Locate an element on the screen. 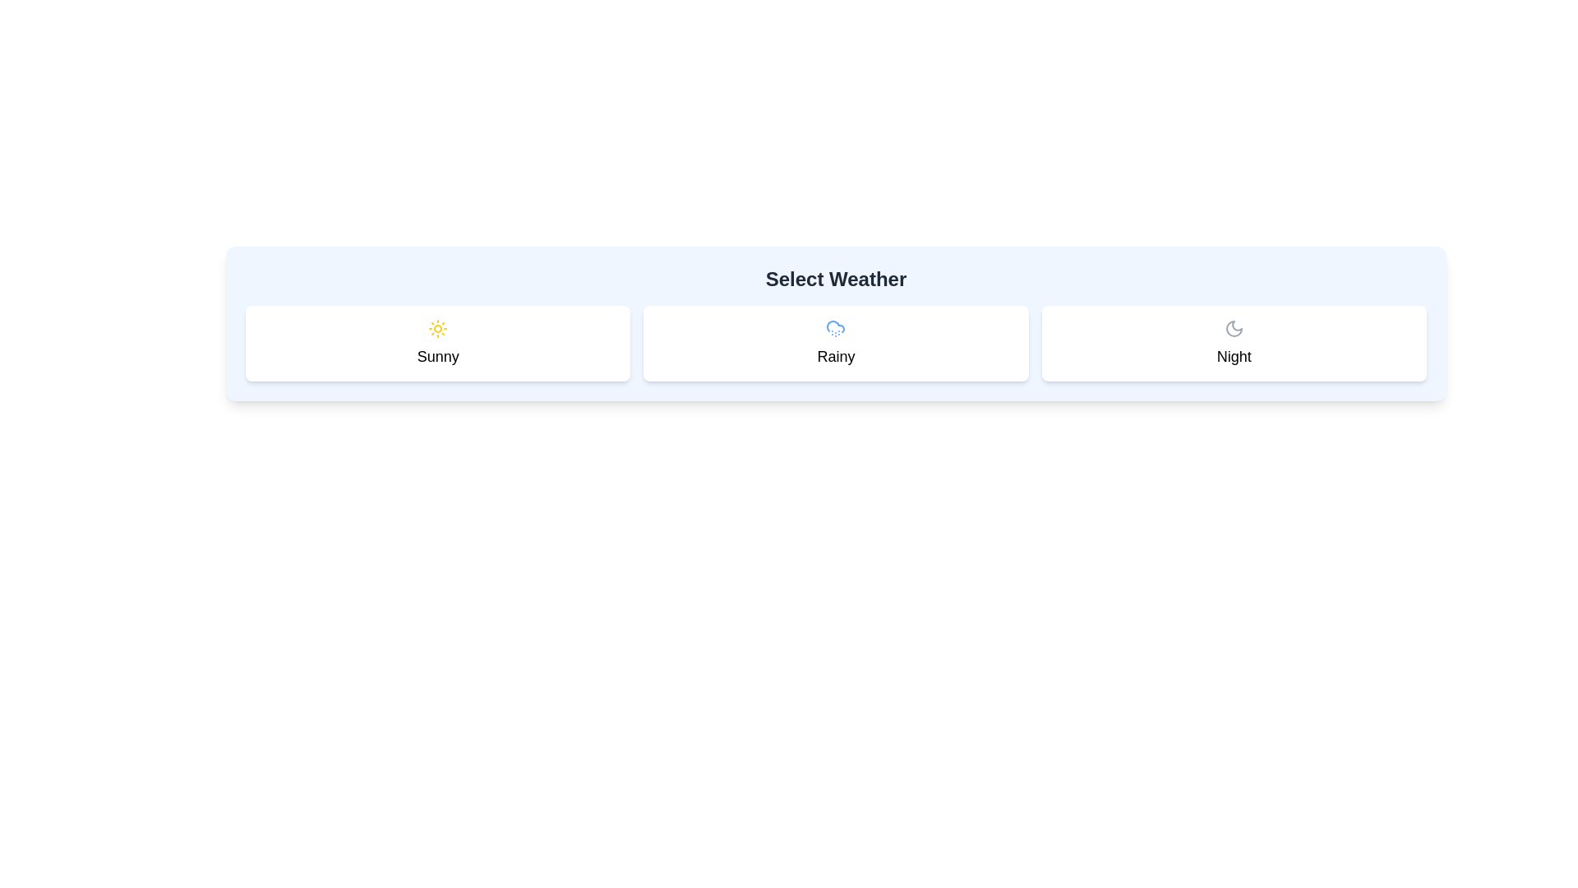 Image resolution: width=1578 pixels, height=888 pixels. the crescent moon icon within the third box labeled 'Night' is located at coordinates (1234, 329).